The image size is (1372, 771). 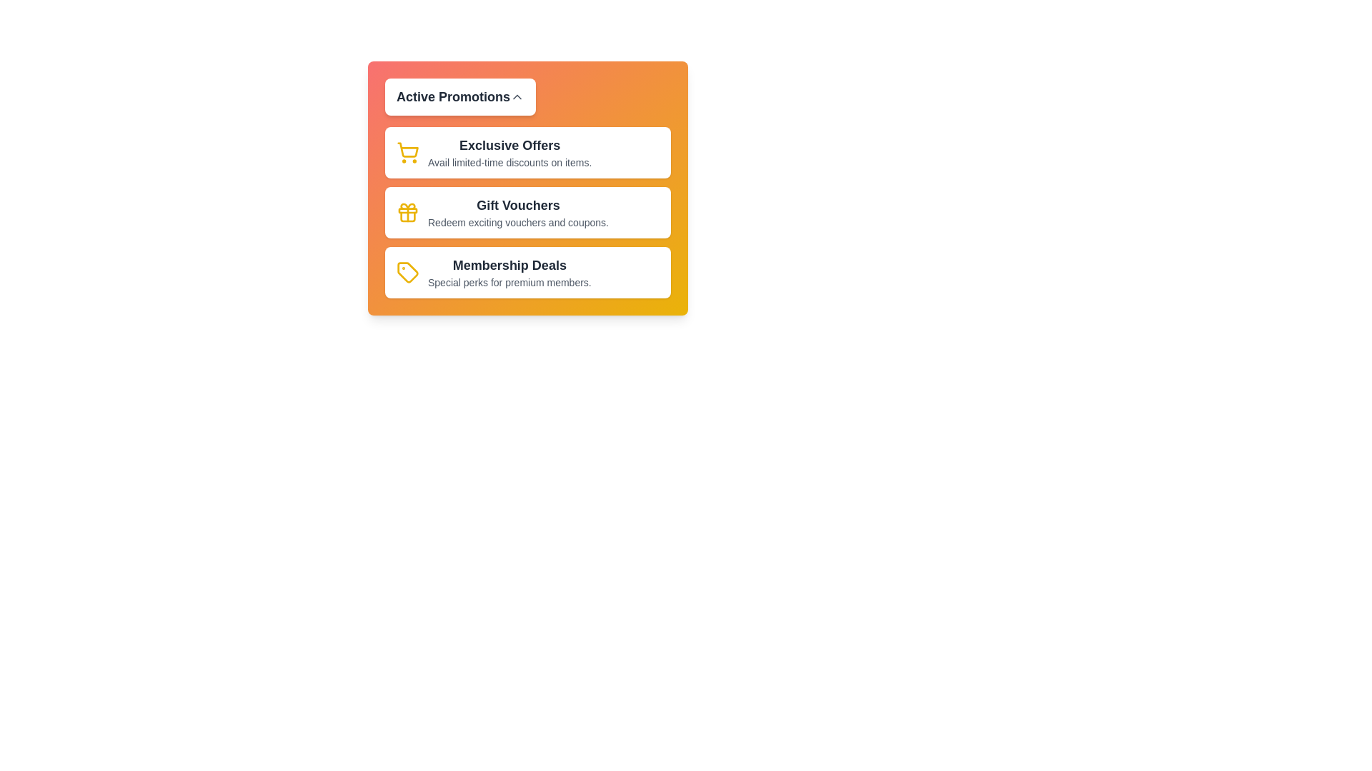 I want to click on the icon corresponding to Exclusive Offers to interact with it, so click(x=407, y=152).